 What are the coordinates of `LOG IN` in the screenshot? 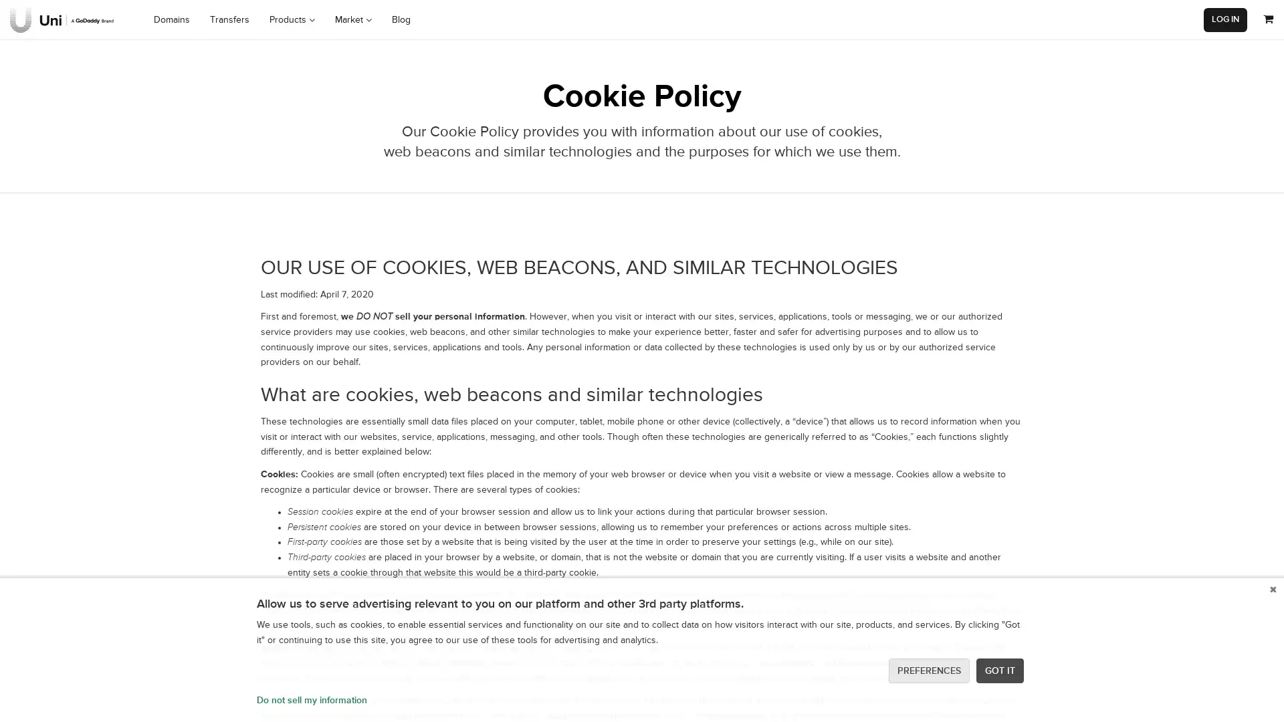 It's located at (1225, 19).